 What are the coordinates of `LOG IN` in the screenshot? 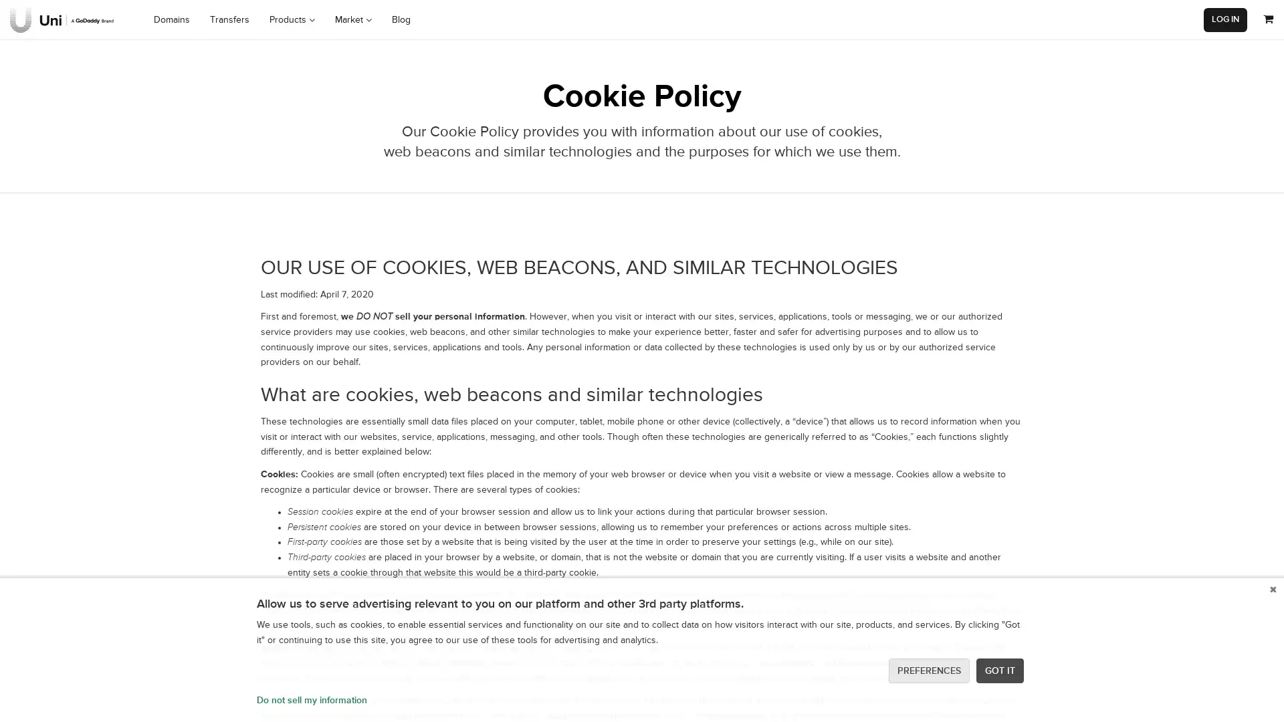 It's located at (1225, 19).